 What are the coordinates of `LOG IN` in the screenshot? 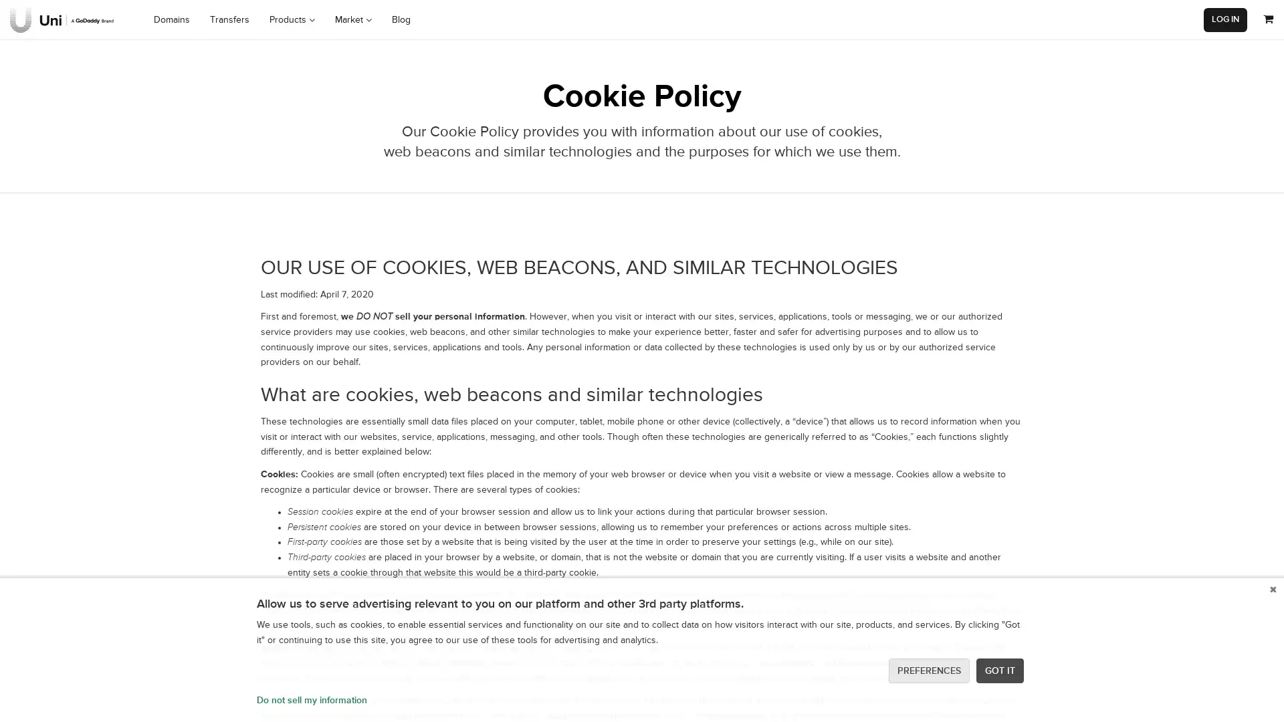 It's located at (1225, 19).